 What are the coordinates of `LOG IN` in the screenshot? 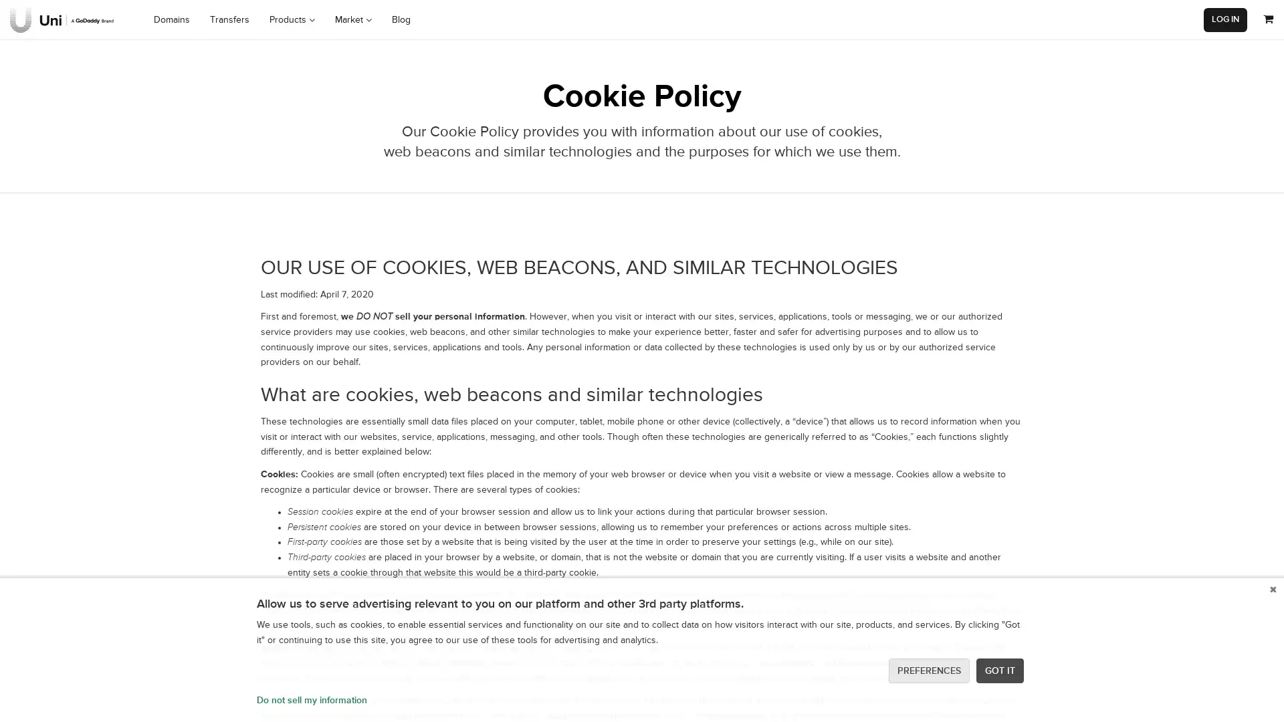 It's located at (1225, 19).